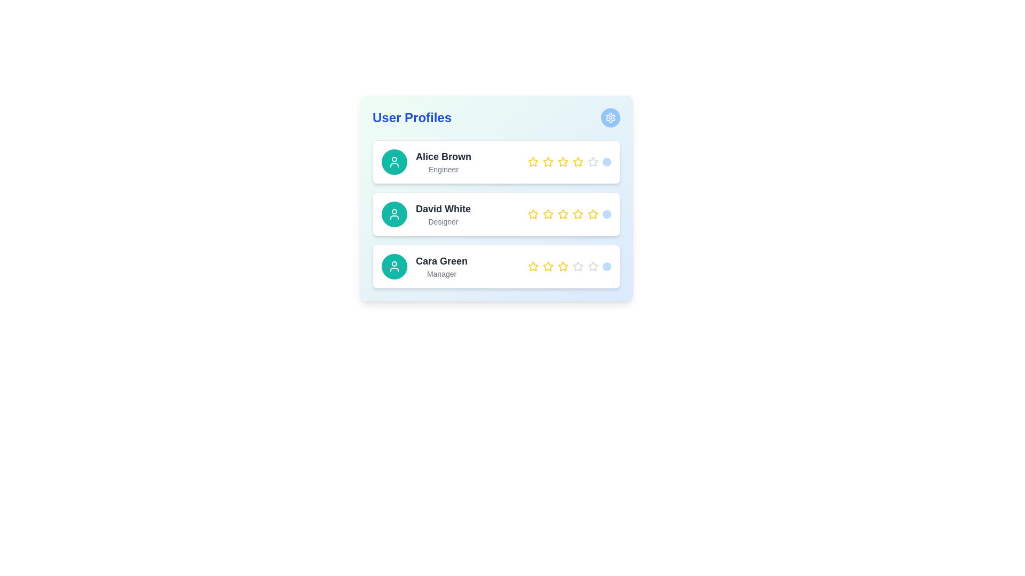 This screenshot has width=1025, height=576. What do you see at coordinates (496, 214) in the screenshot?
I see `the user profile card for 'David White'` at bounding box center [496, 214].